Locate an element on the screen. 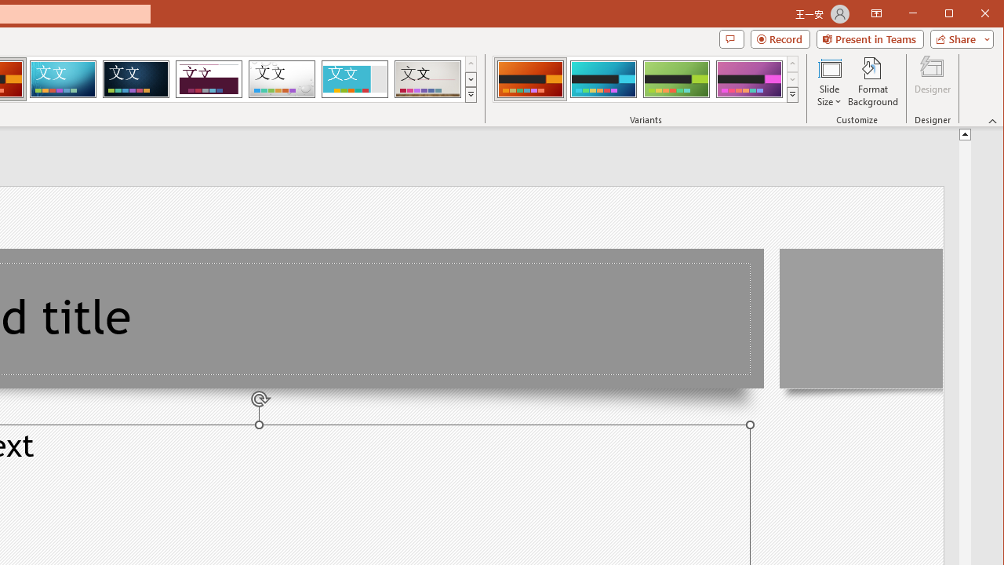  'Maximize' is located at coordinates (971, 15).